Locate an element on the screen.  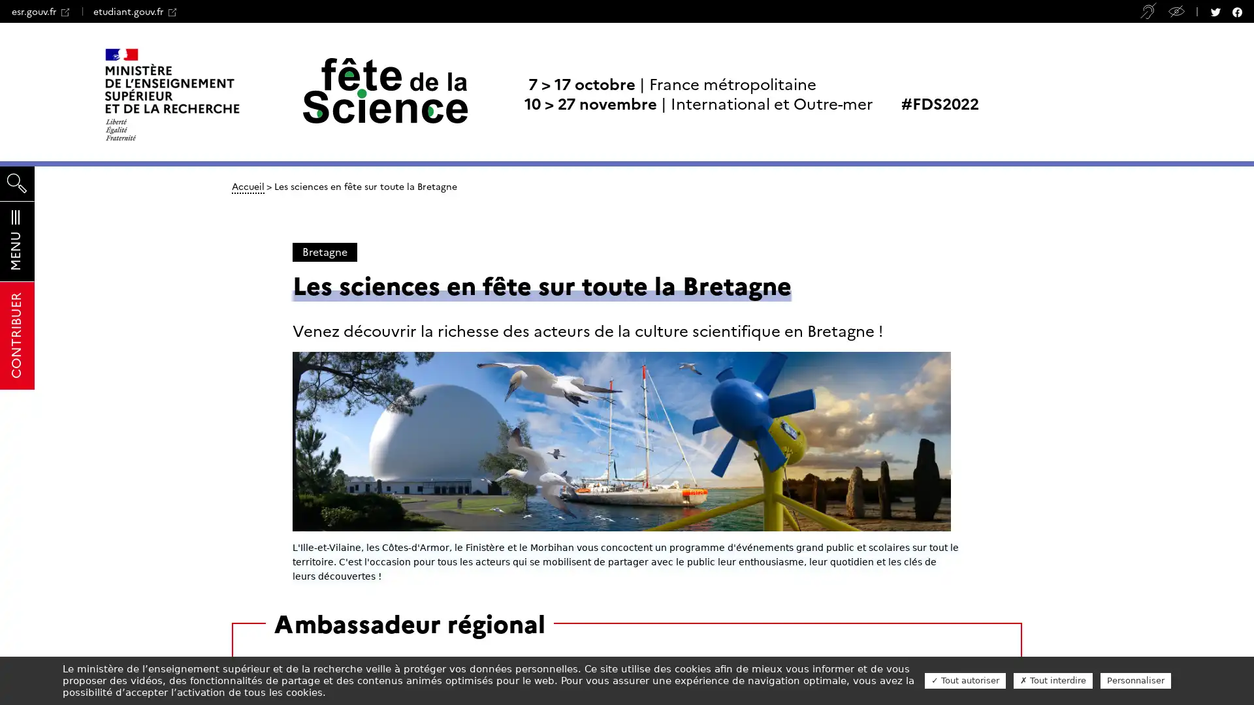
+ is located at coordinates (191, 10).